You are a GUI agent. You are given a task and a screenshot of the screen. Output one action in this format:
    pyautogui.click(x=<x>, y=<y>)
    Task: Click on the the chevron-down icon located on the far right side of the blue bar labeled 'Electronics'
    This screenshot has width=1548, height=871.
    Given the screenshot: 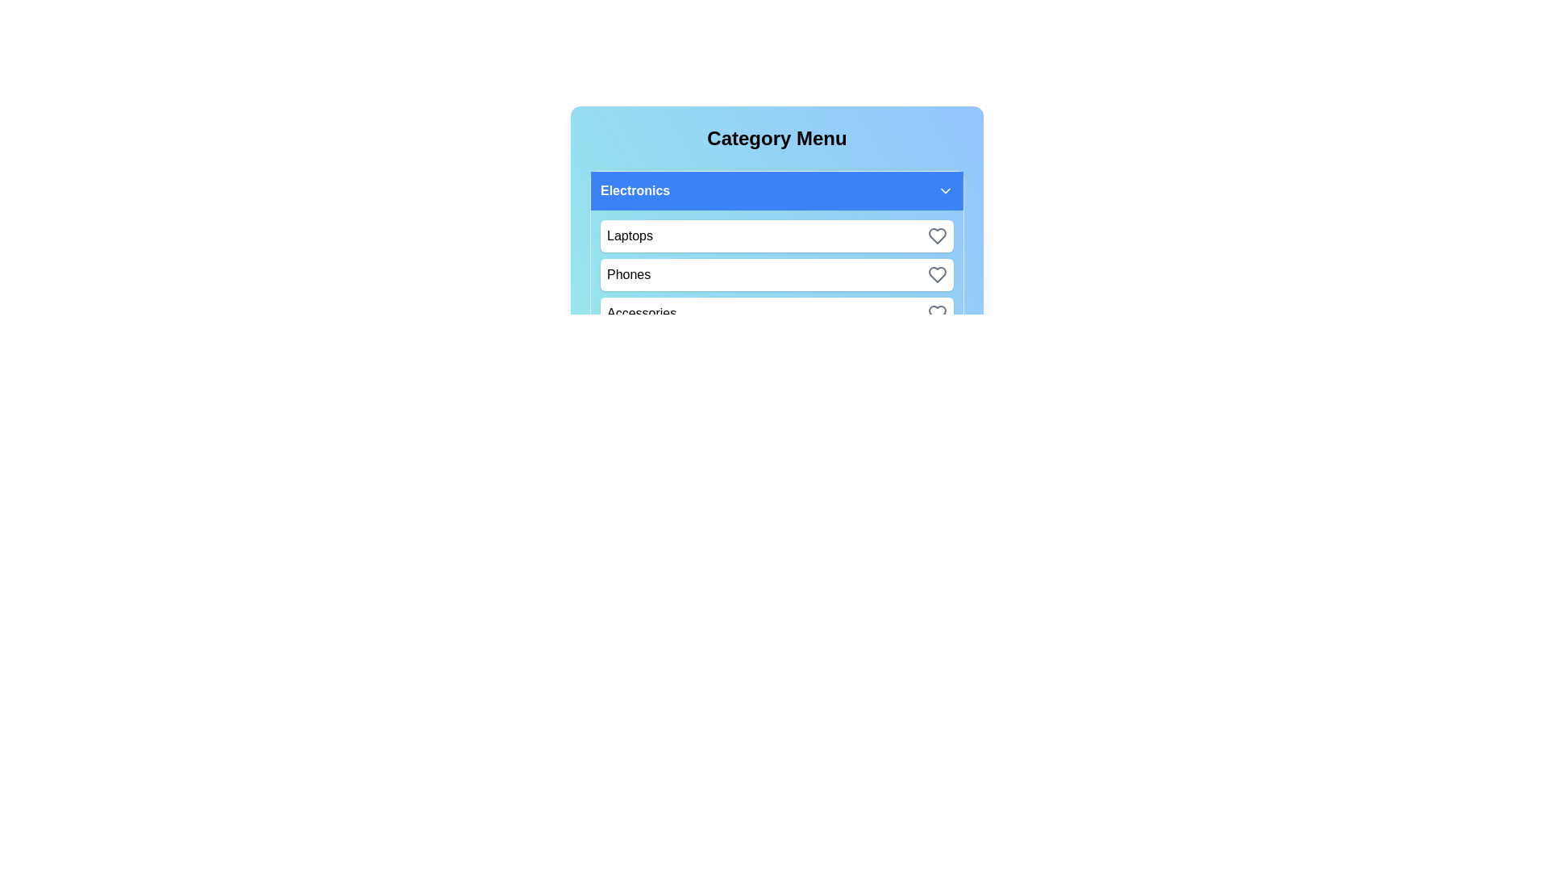 What is the action you would take?
    pyautogui.click(x=945, y=190)
    